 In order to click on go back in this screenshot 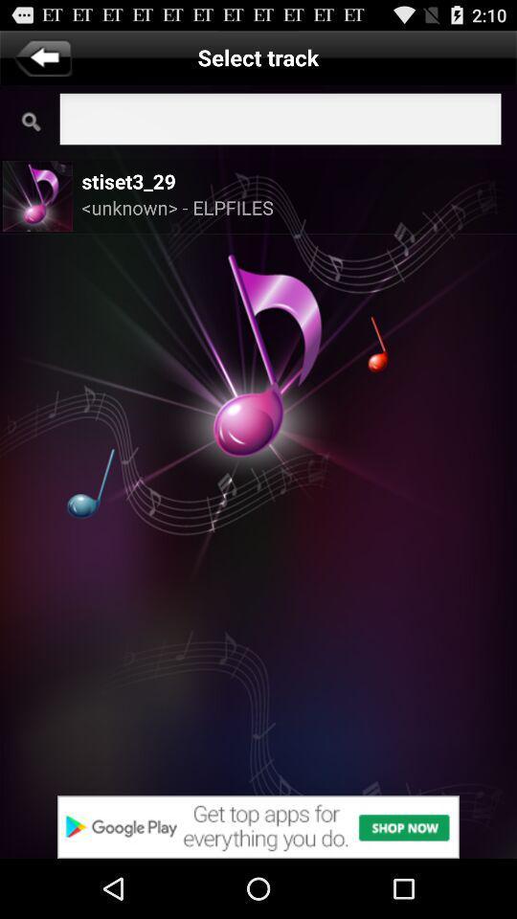, I will do `click(42, 56)`.